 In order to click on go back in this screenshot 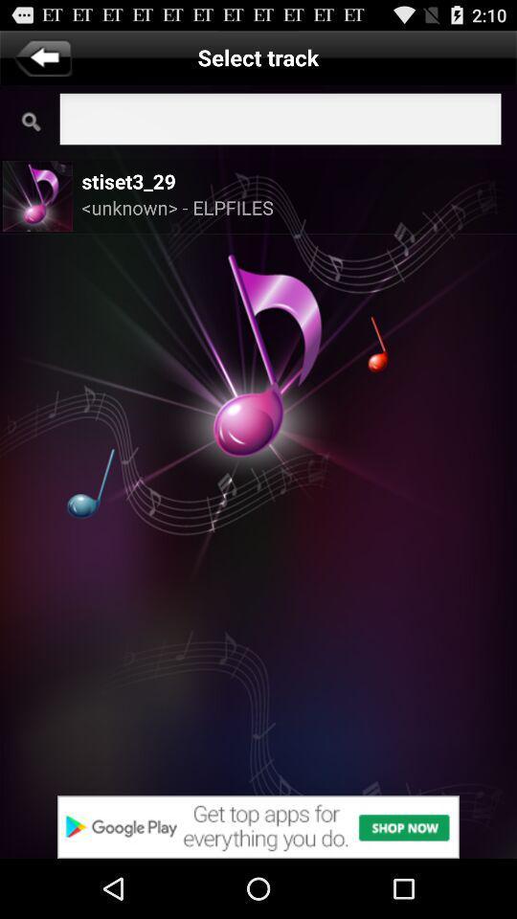, I will do `click(42, 56)`.